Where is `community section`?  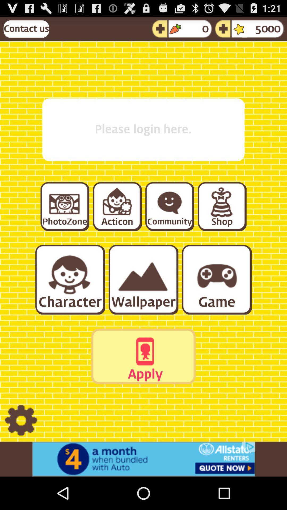 community section is located at coordinates (169, 206).